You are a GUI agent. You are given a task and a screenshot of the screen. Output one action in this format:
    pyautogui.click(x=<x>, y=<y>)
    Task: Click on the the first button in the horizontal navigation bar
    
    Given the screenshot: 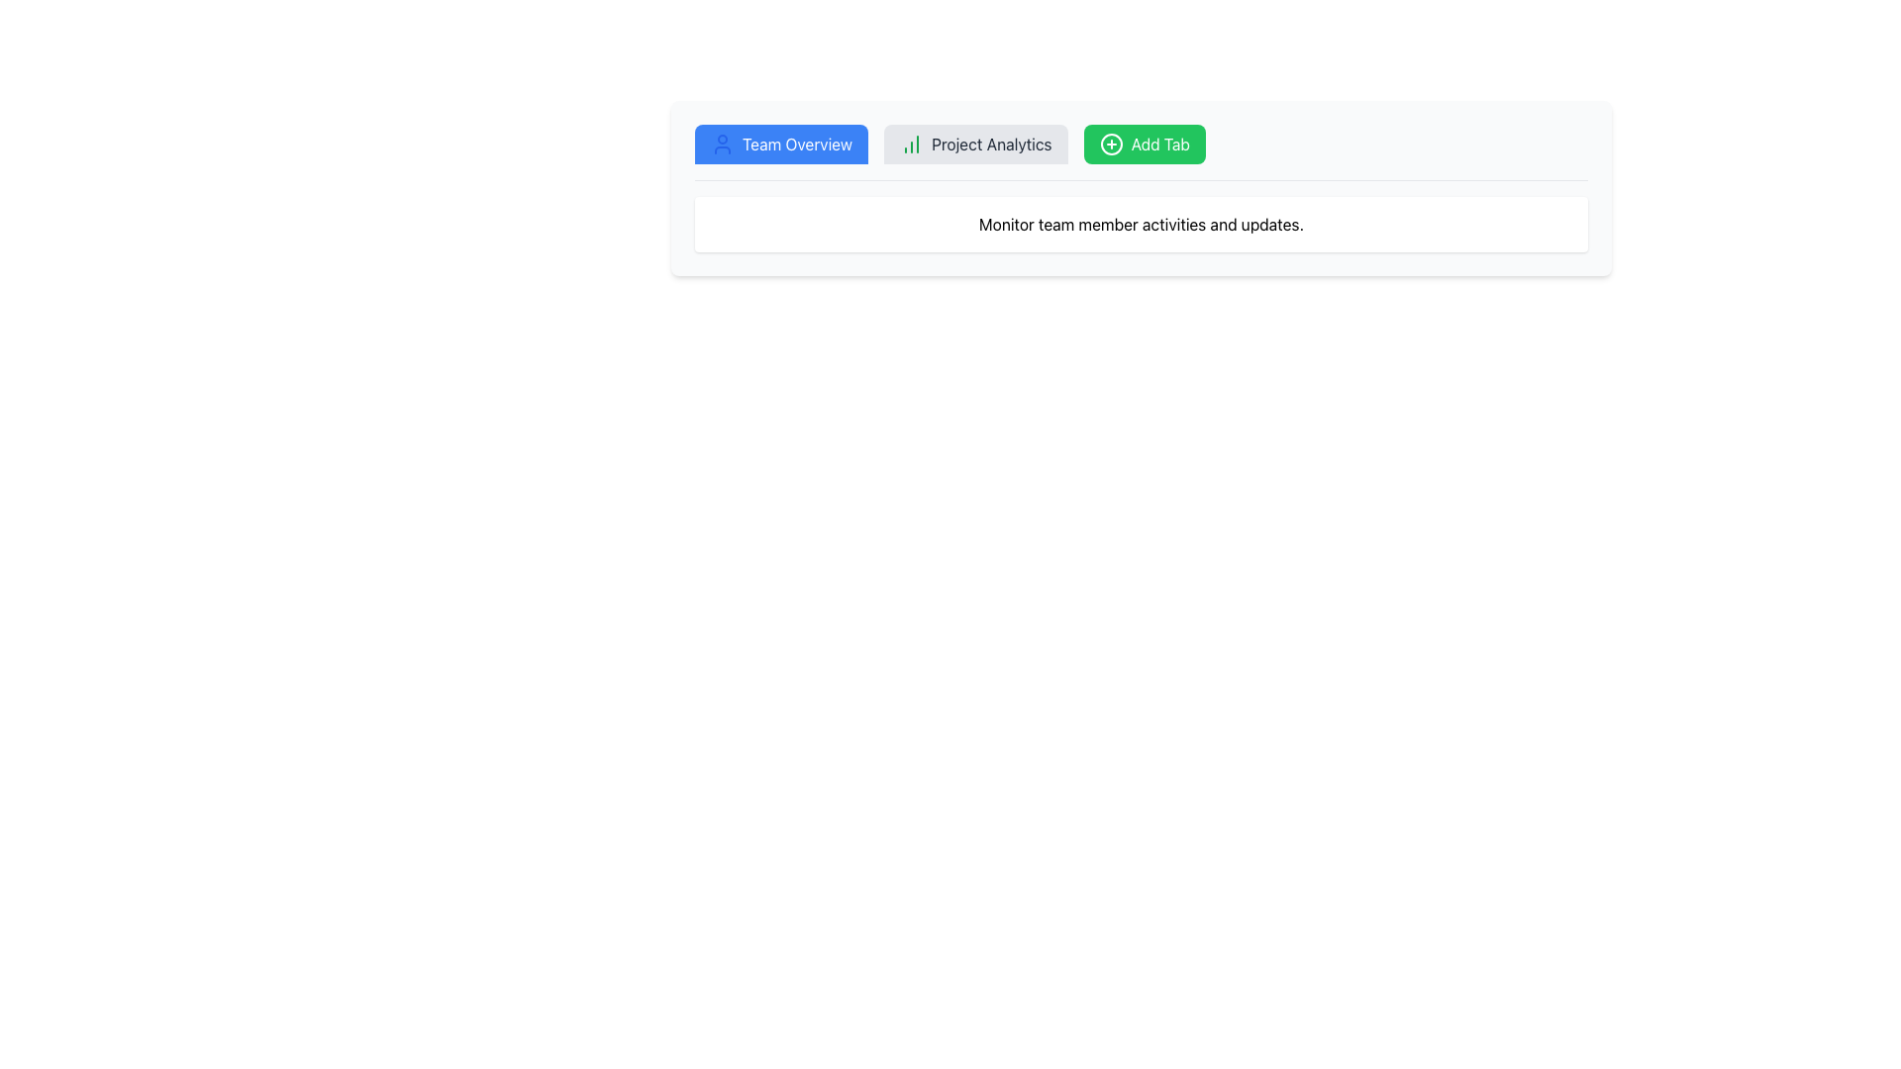 What is the action you would take?
    pyautogui.click(x=780, y=144)
    